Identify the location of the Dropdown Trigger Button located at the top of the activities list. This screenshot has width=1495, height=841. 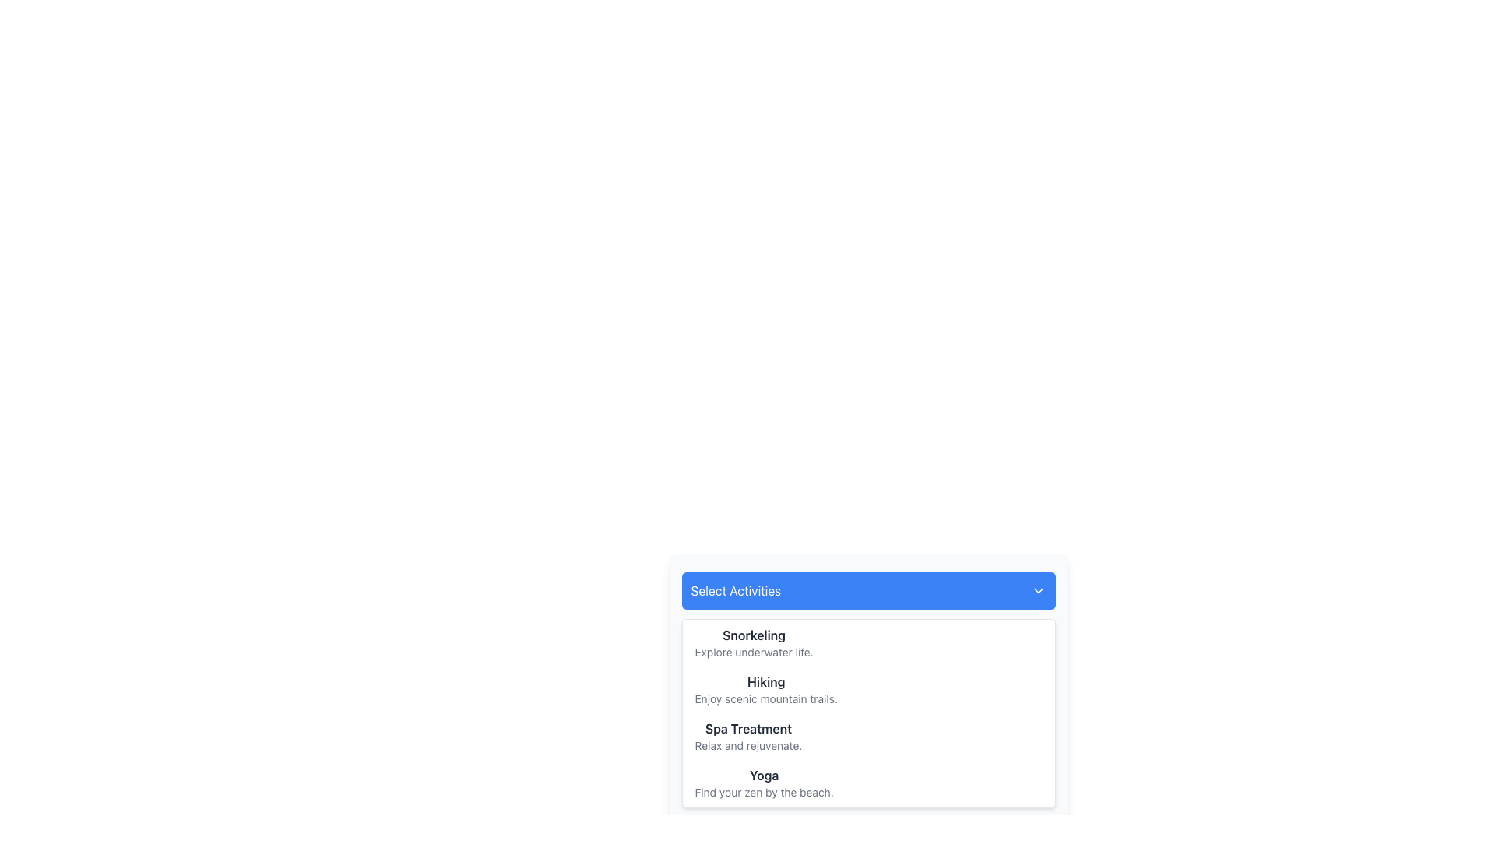
(867, 591).